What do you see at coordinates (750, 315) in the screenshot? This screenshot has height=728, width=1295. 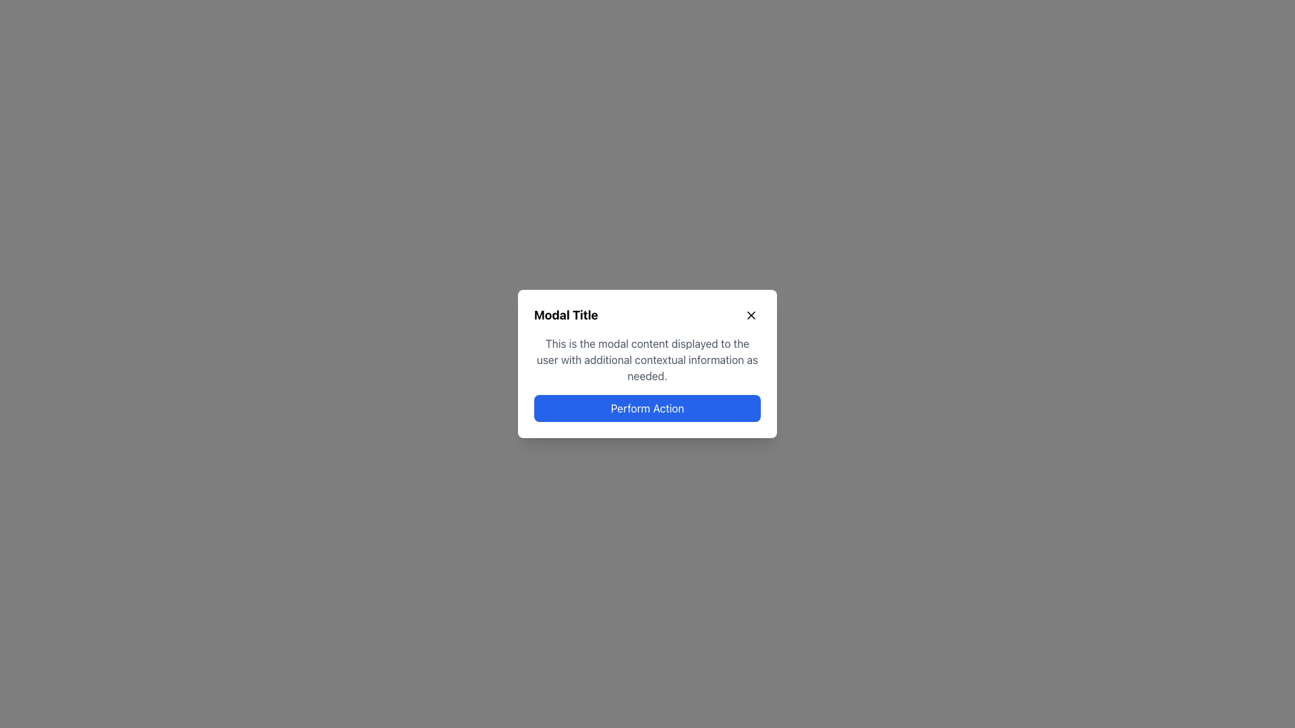 I see `the small square button with an 'X' icon located at the top-right corner of the modal dialog box to trigger the hover effect` at bounding box center [750, 315].